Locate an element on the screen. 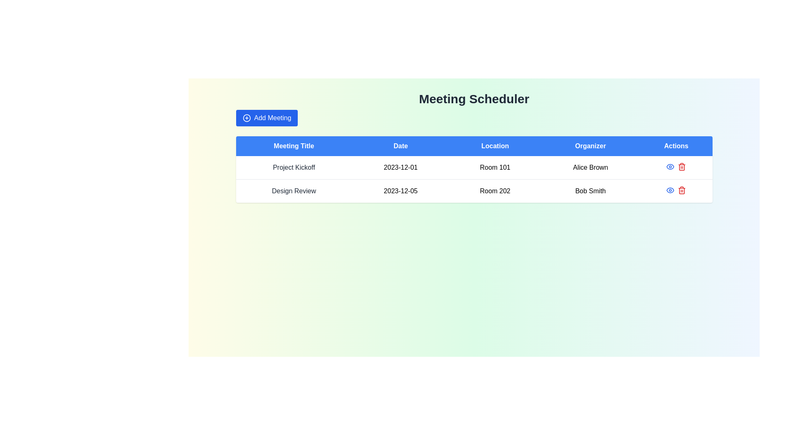 This screenshot has height=446, width=794. the text label 'Alice Brown' located under the 'Organizer' column in the first row of the table, which is positioned to the right of 'Room 101' is located at coordinates (590, 167).